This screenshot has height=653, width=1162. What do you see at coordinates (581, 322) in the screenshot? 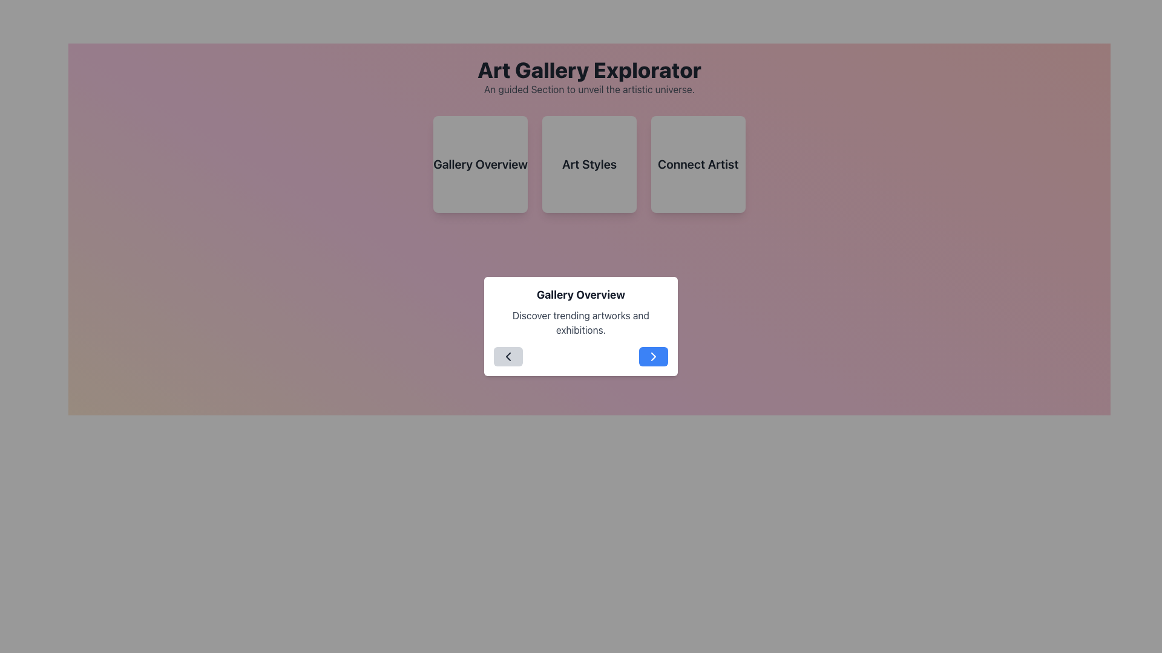
I see `static text element containing 'Discover trending artworks and exhibitions.' which is centrally aligned within the 'Gallery Overview' card` at bounding box center [581, 322].